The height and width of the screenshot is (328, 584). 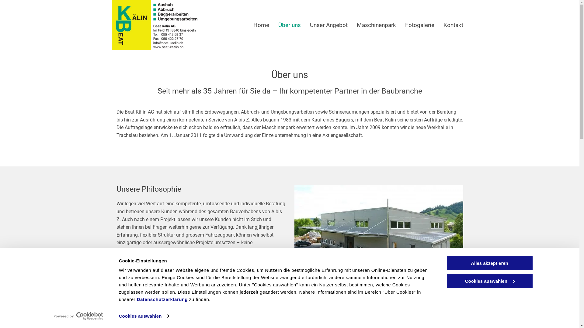 I want to click on 'Maschinenpark', so click(x=376, y=25).